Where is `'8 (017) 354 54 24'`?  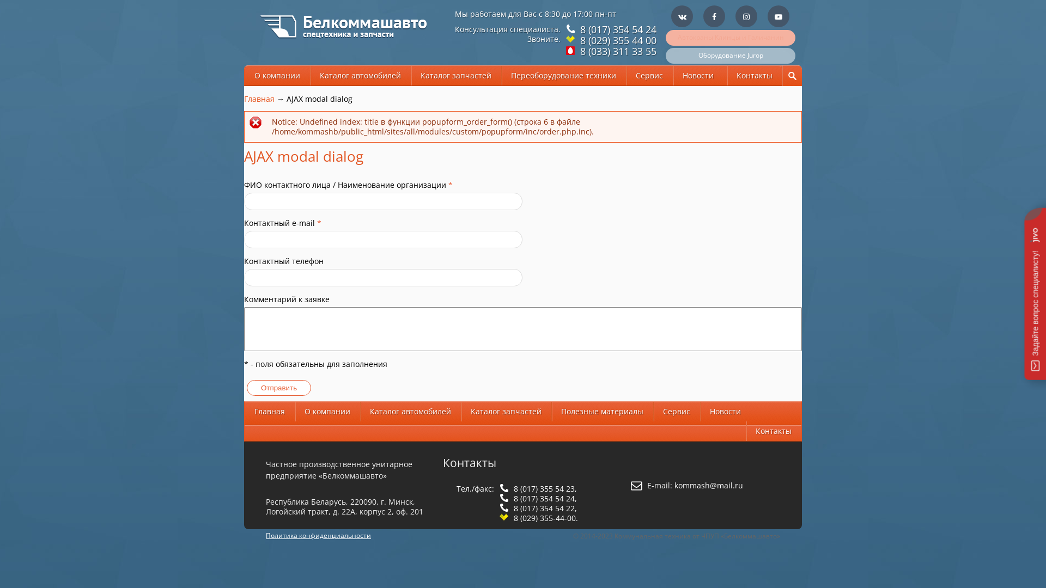
'8 (017) 354 54 24' is located at coordinates (577, 29).